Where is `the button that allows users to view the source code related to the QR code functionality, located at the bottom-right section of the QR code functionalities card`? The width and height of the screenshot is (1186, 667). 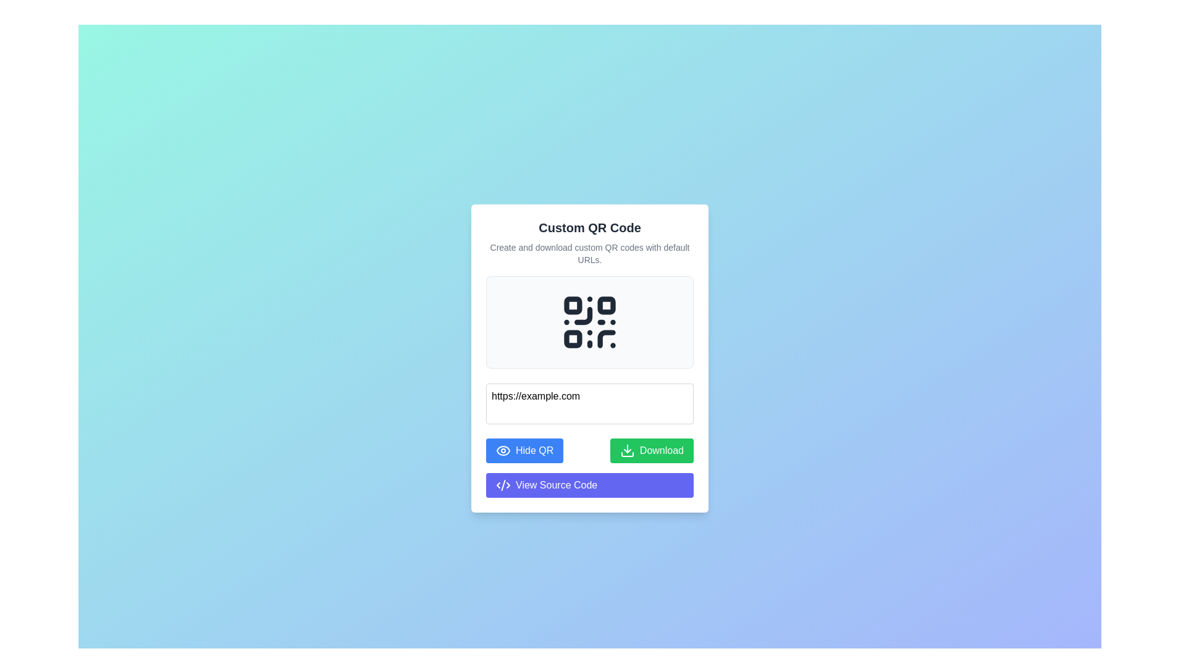
the button that allows users to view the source code related to the QR code functionality, located at the bottom-right section of the QR code functionalities card is located at coordinates (589, 484).